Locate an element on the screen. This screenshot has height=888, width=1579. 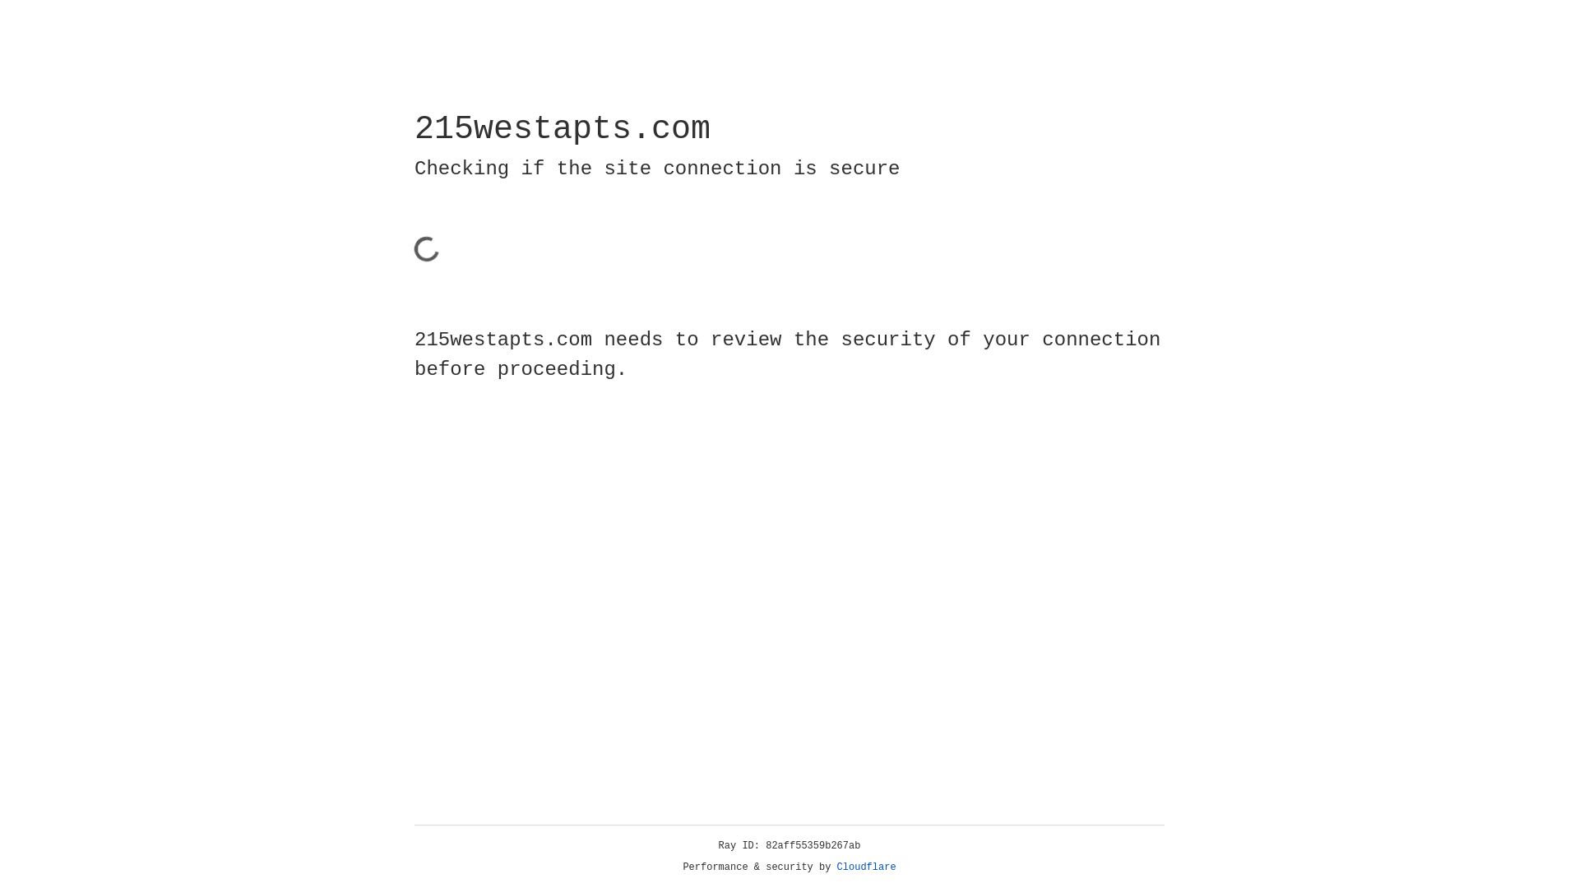
'Cloudflare' is located at coordinates (866, 867).